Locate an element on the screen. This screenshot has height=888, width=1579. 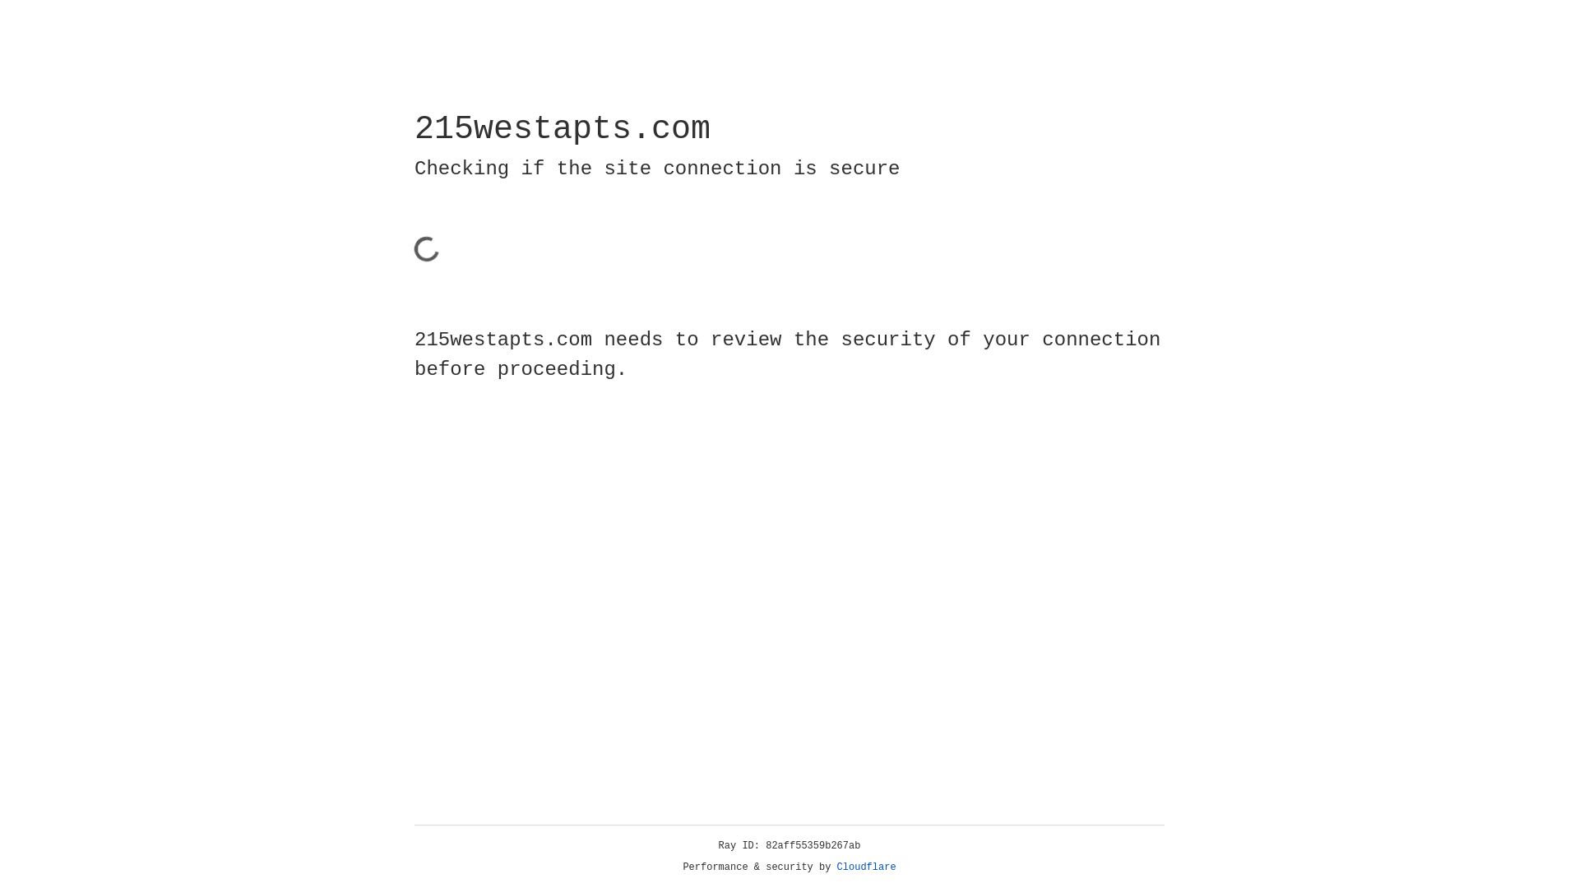
'Cloudflare' is located at coordinates (866, 867).